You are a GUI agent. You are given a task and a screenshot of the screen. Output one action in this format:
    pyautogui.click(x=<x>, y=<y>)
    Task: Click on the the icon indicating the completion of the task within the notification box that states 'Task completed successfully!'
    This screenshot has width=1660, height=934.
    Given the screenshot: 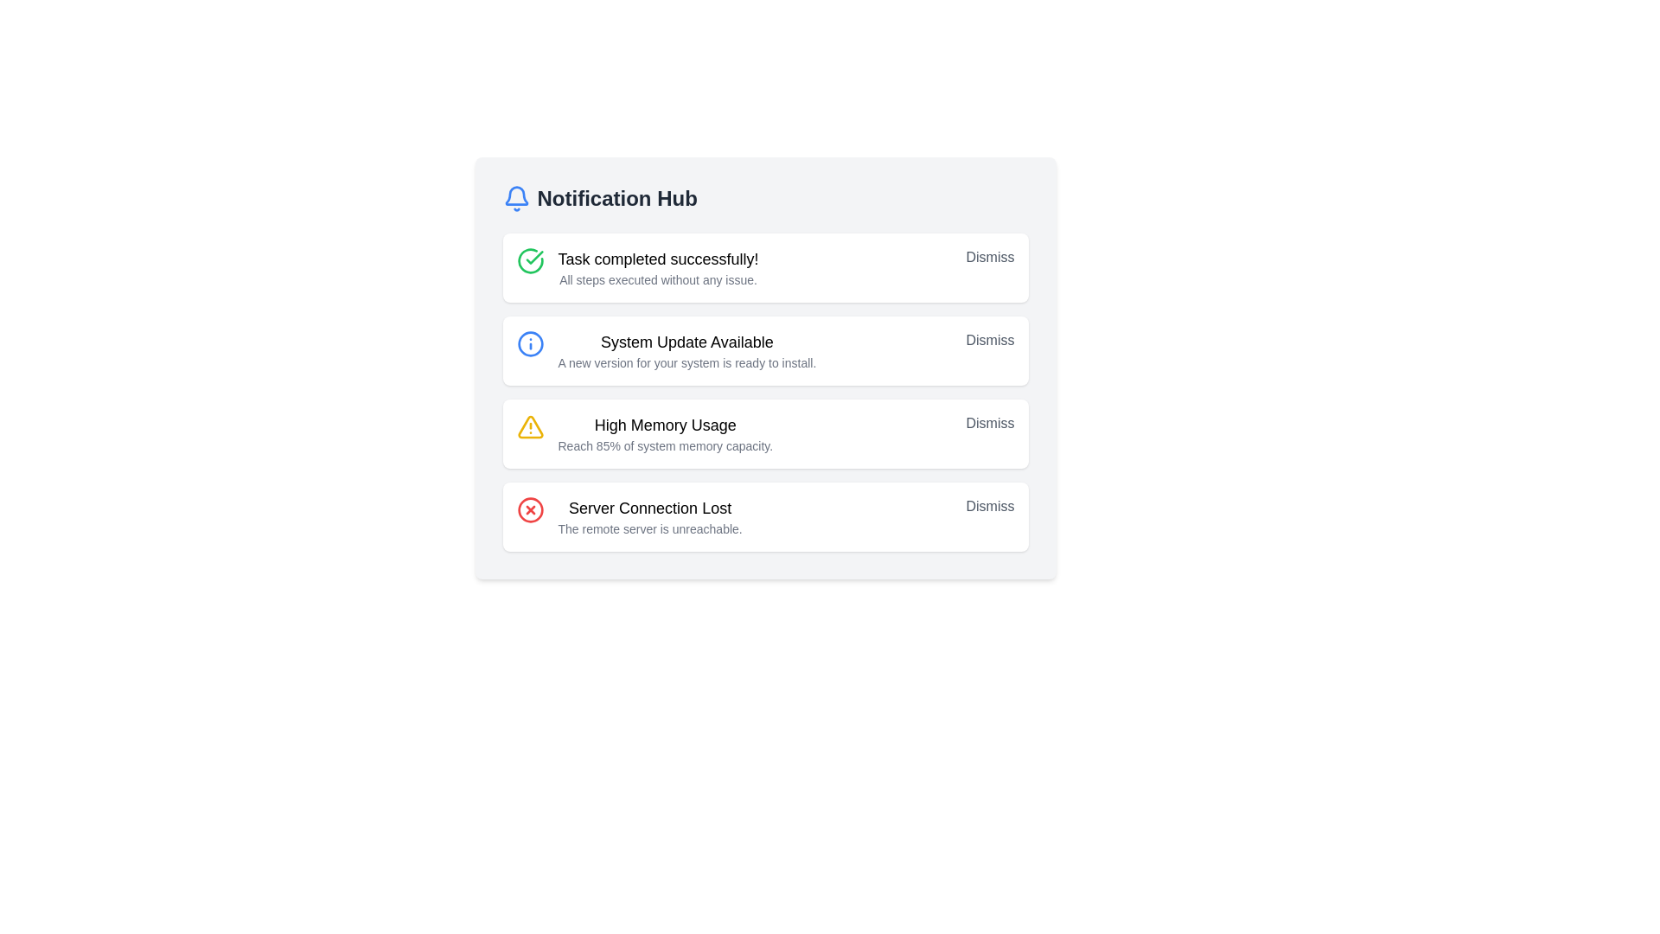 What is the action you would take?
    pyautogui.click(x=529, y=260)
    